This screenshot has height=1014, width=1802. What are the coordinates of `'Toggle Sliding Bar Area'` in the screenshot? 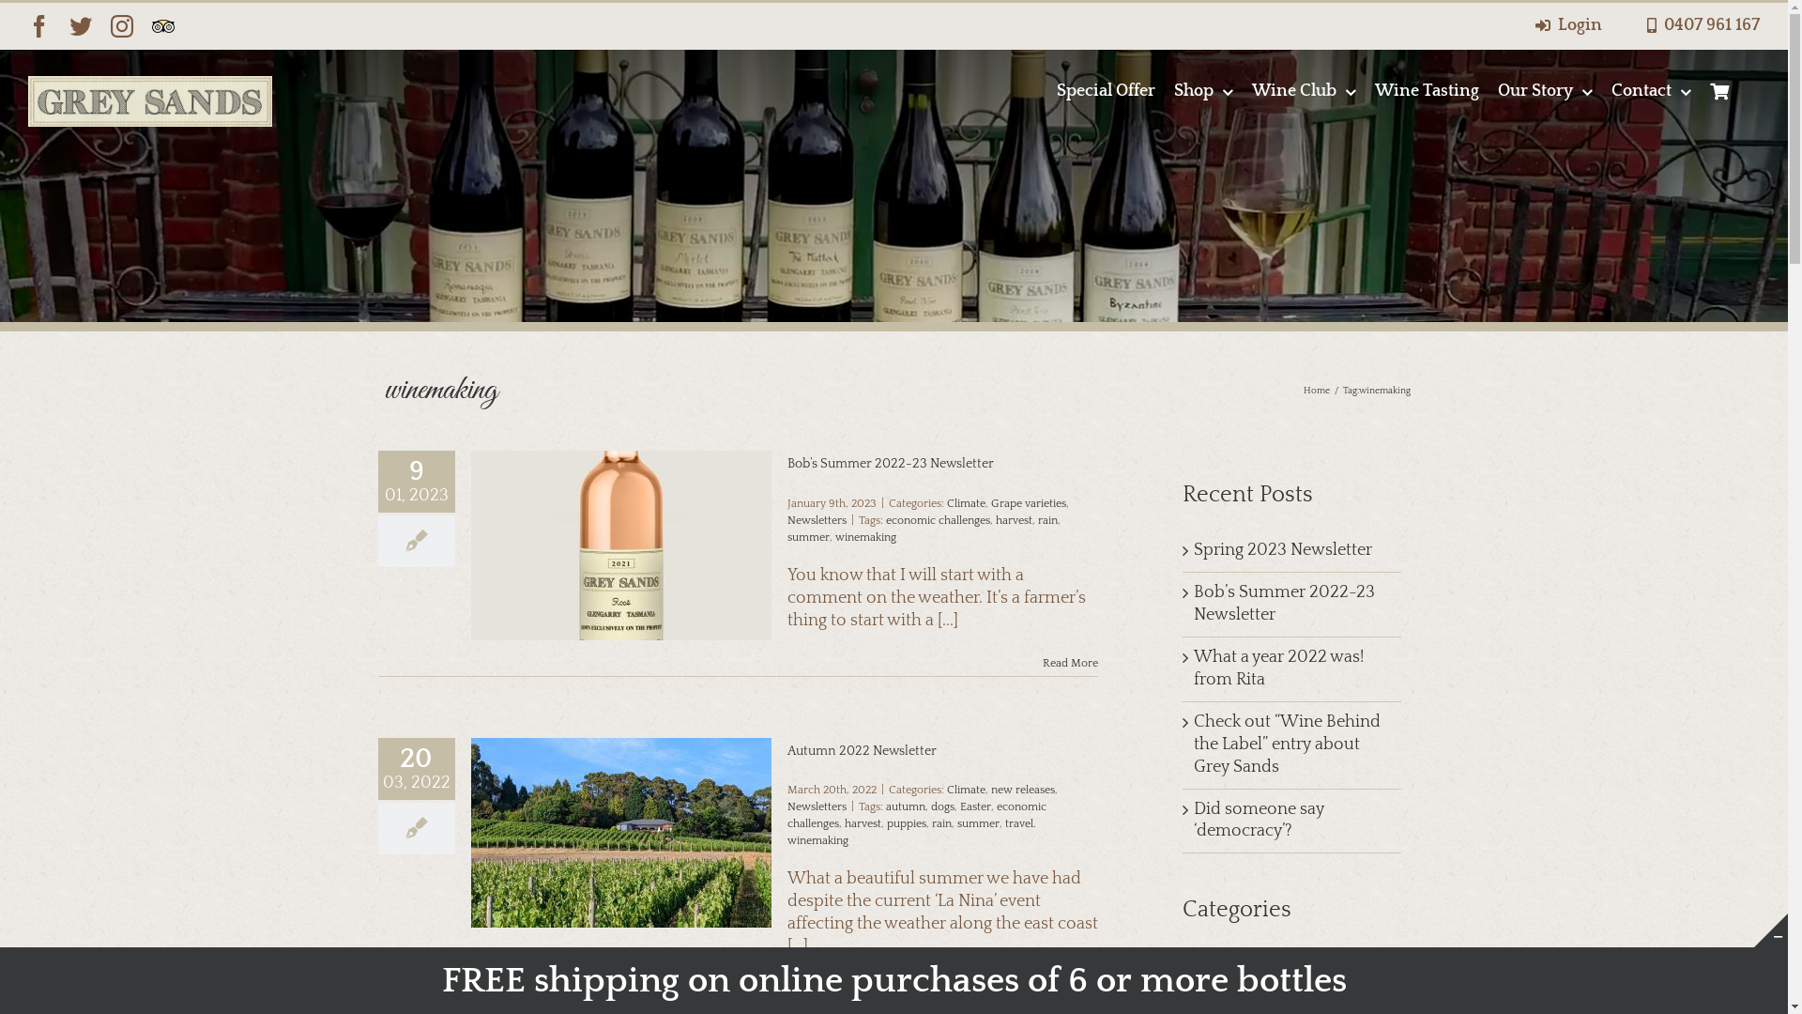 It's located at (1769, 930).